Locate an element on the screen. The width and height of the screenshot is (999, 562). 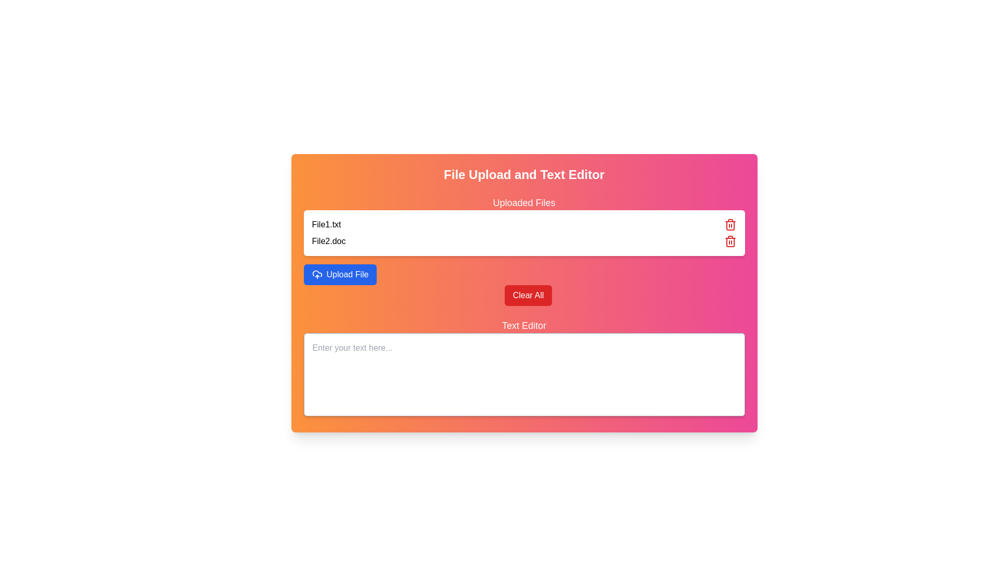
the file upload button located below the list of uploaded files, to the left of the 'Clear All' button in the 'Uploaded Files' section is located at coordinates (340, 274).